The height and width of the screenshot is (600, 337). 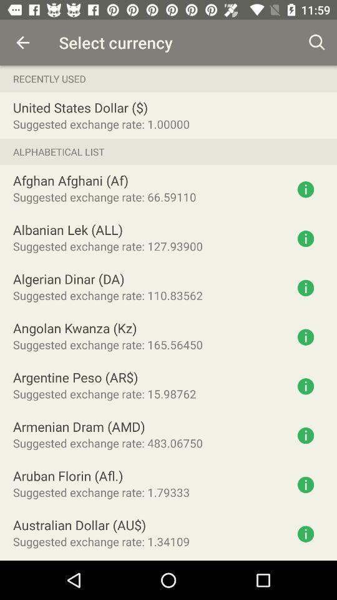 What do you see at coordinates (305, 189) in the screenshot?
I see `click more information button` at bounding box center [305, 189].